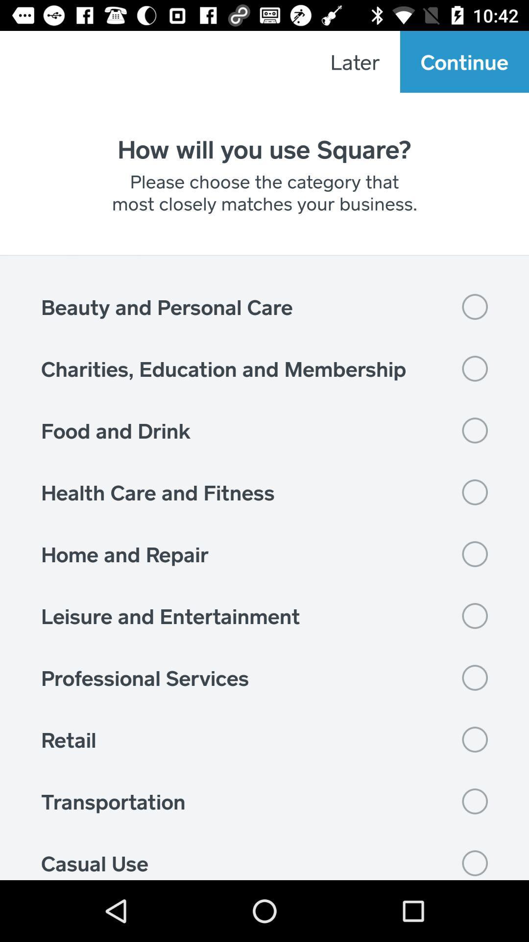 This screenshot has height=942, width=529. What do you see at coordinates (264, 615) in the screenshot?
I see `the leisure and entertainment item` at bounding box center [264, 615].